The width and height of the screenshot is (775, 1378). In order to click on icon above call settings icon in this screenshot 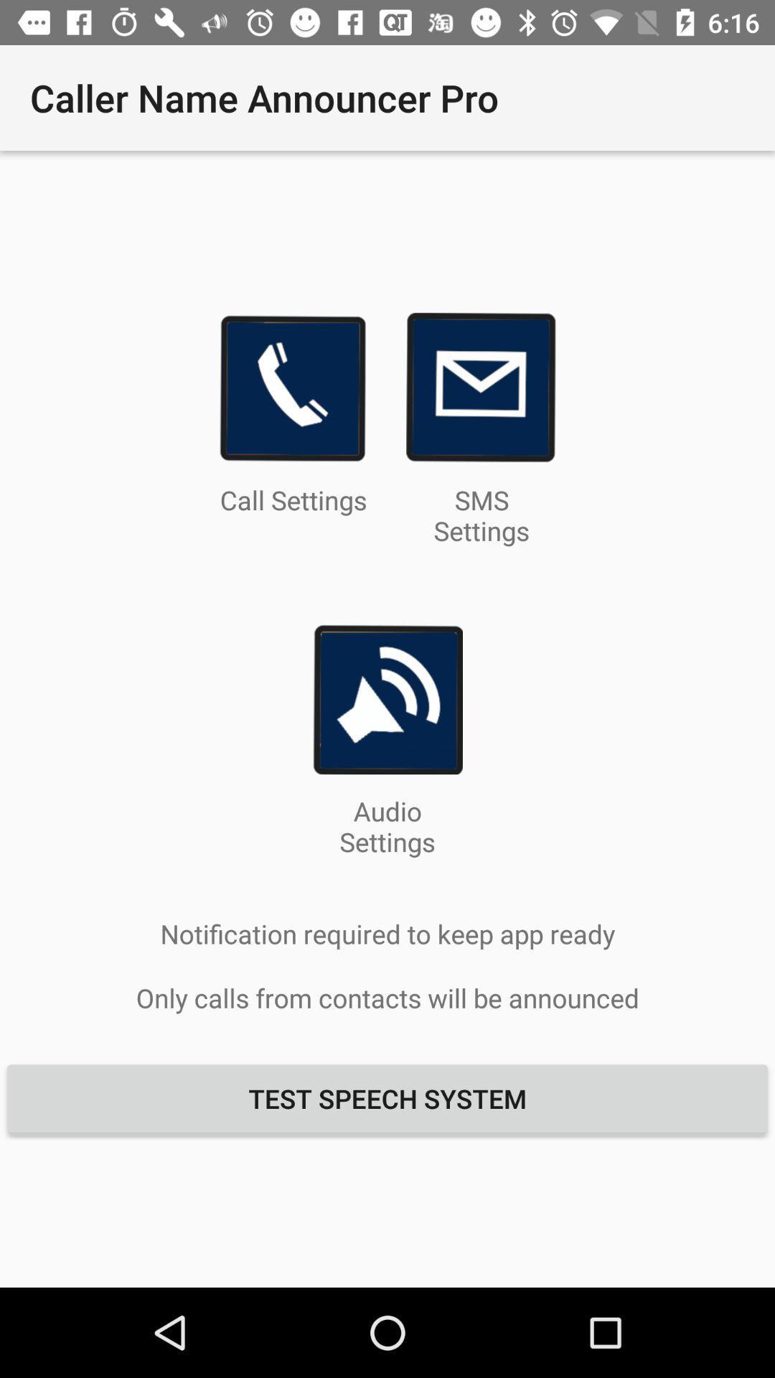, I will do `click(292, 388)`.